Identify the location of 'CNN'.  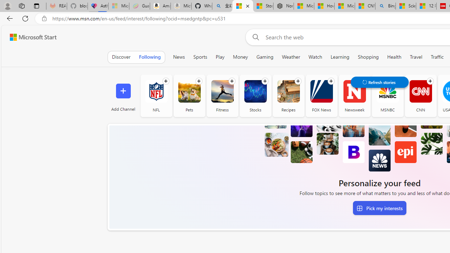
(420, 96).